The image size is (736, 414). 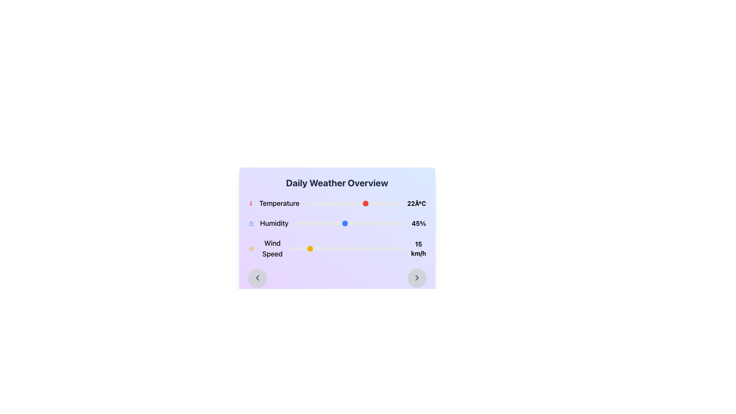 I want to click on the blue droplet icon that represents humidity in the weather application, located to the left of the 'Humidity' text in the second row of the weather information panel, so click(x=251, y=223).